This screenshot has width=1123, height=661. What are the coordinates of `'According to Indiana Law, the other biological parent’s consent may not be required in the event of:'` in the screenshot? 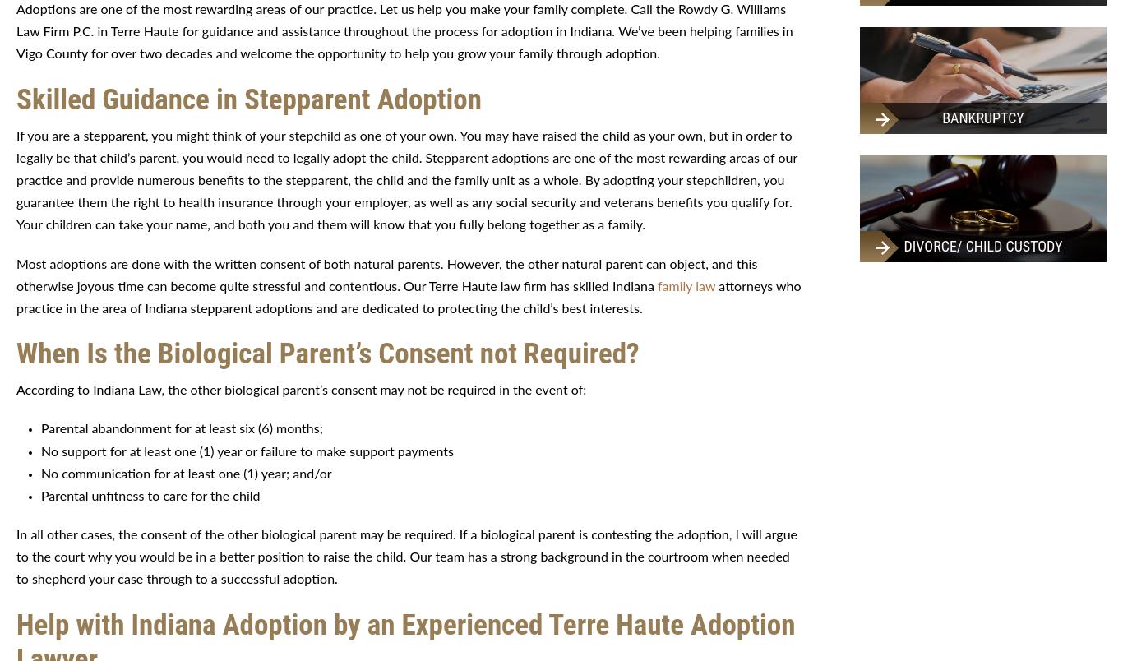 It's located at (300, 390).